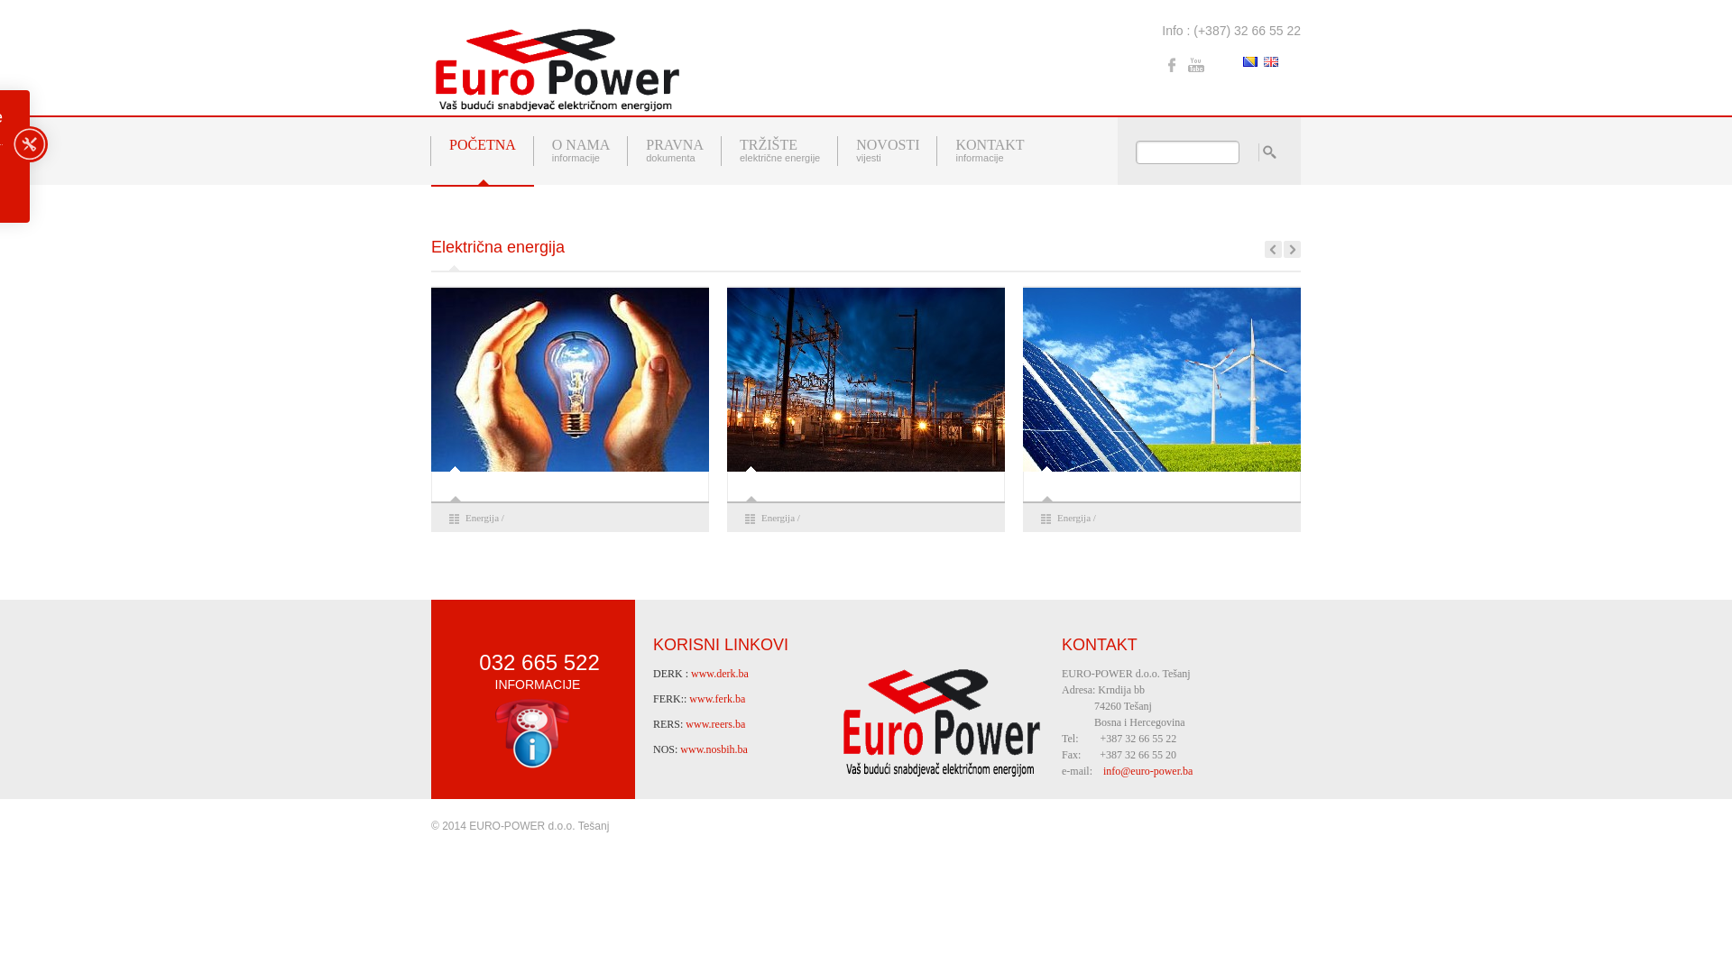 The image size is (1732, 974). Describe the element at coordinates (718, 674) in the screenshot. I see `'www.derk.ba'` at that location.